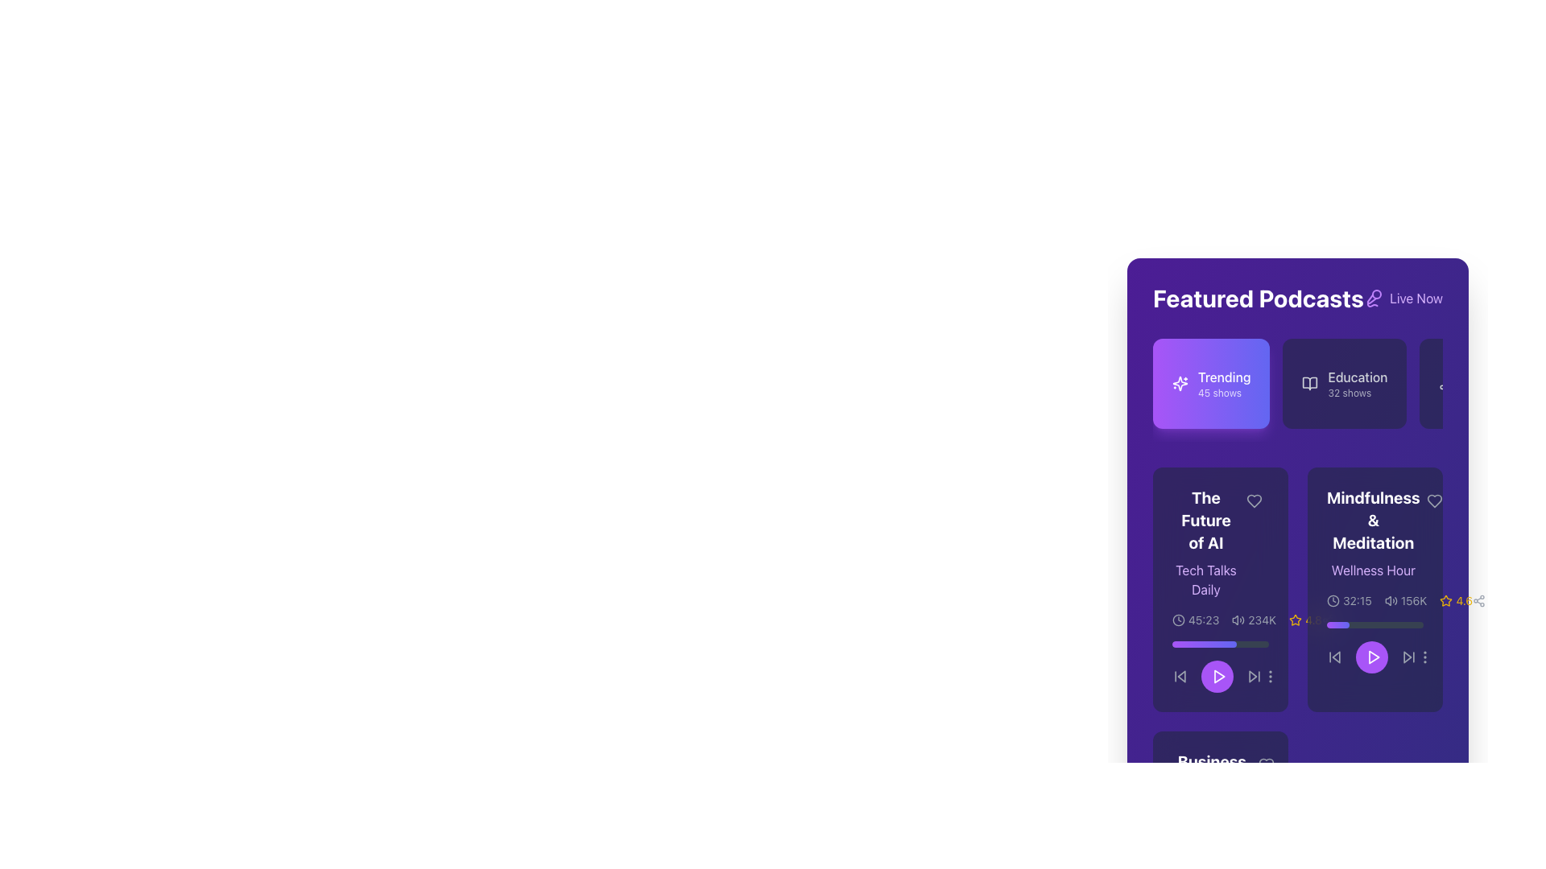  What do you see at coordinates (1254, 500) in the screenshot?
I see `the heart icon located within the circular button in the top-right corner of the 'The Future of AI' card to trigger hover effects` at bounding box center [1254, 500].